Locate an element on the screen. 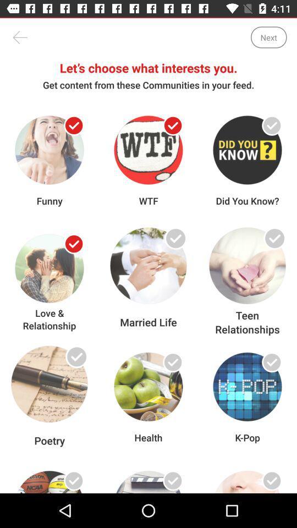  go do sealet is located at coordinates (173, 244).